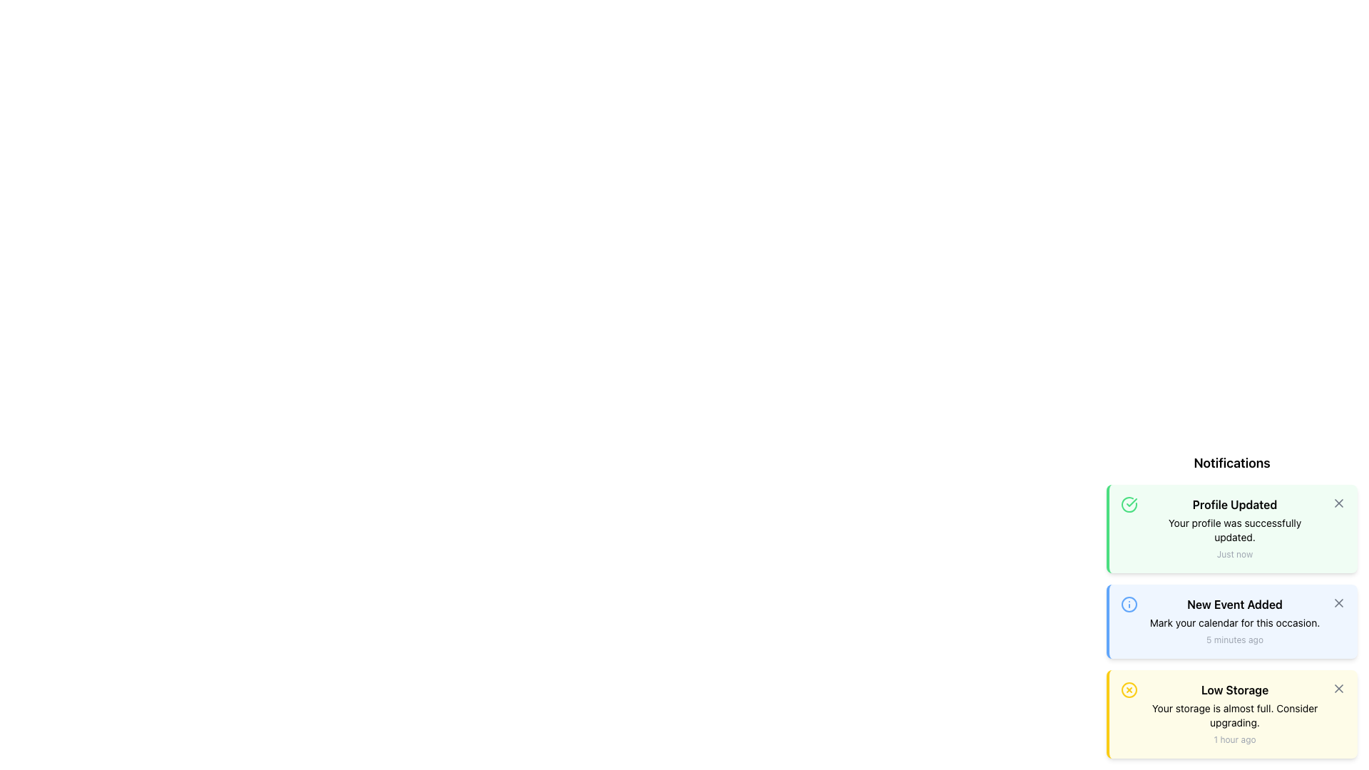 The image size is (1369, 770). Describe the element at coordinates (1129, 689) in the screenshot. I see `the warning icon in the last yellow notification card that indicates a low storage issue, located at the upper-left corner of the card` at that location.